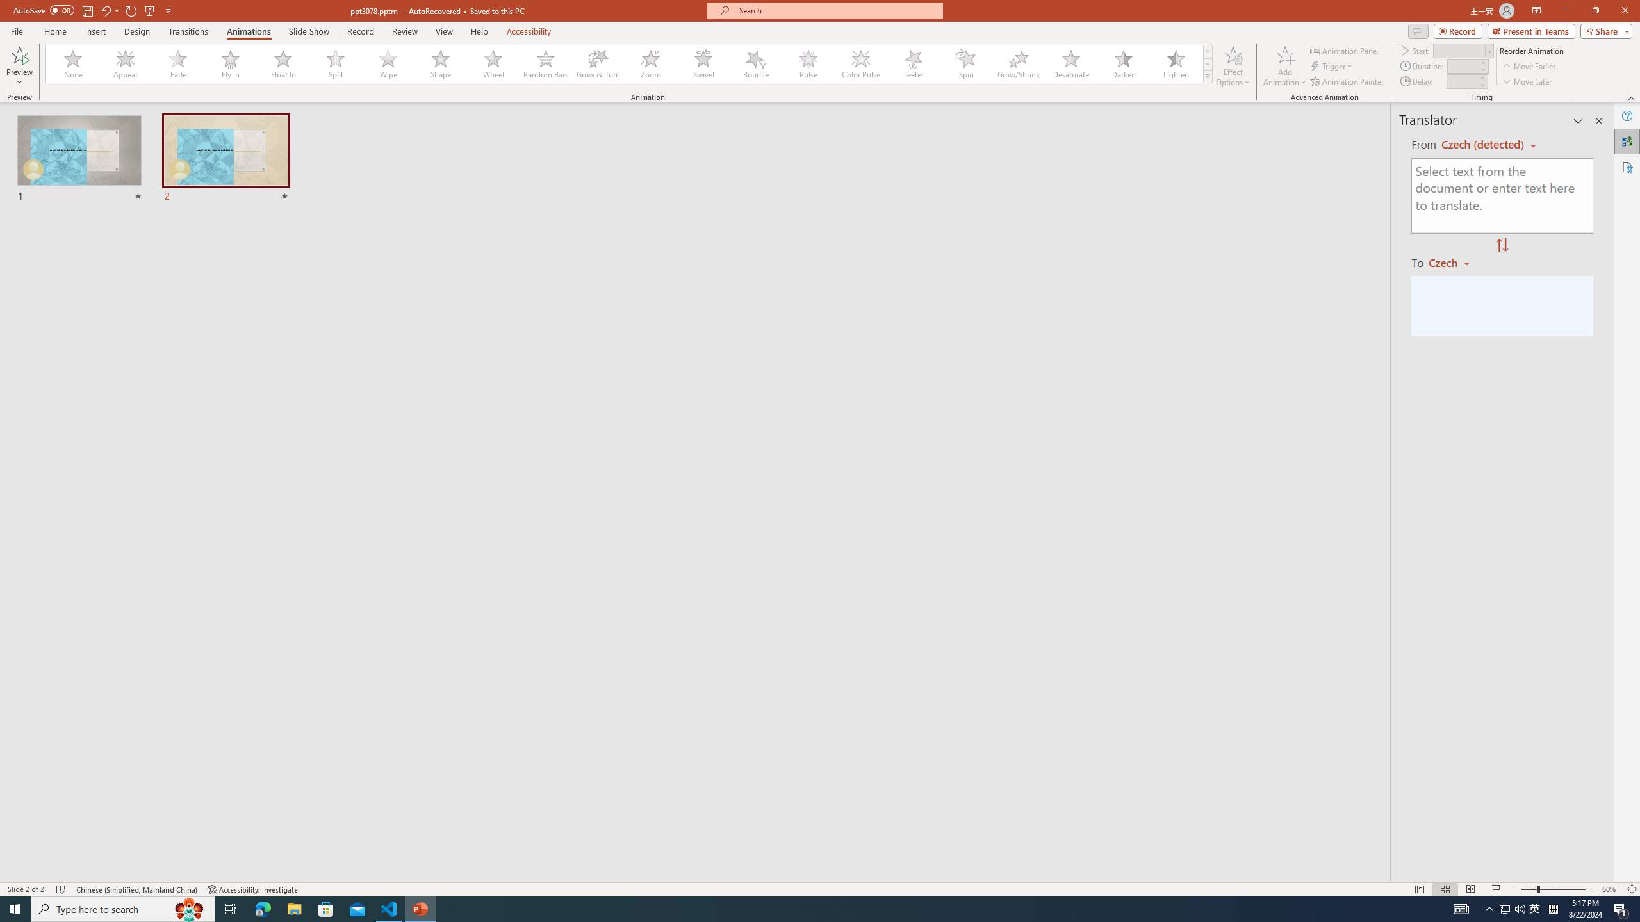 This screenshot has height=922, width=1640. I want to click on 'Fly In', so click(230, 63).